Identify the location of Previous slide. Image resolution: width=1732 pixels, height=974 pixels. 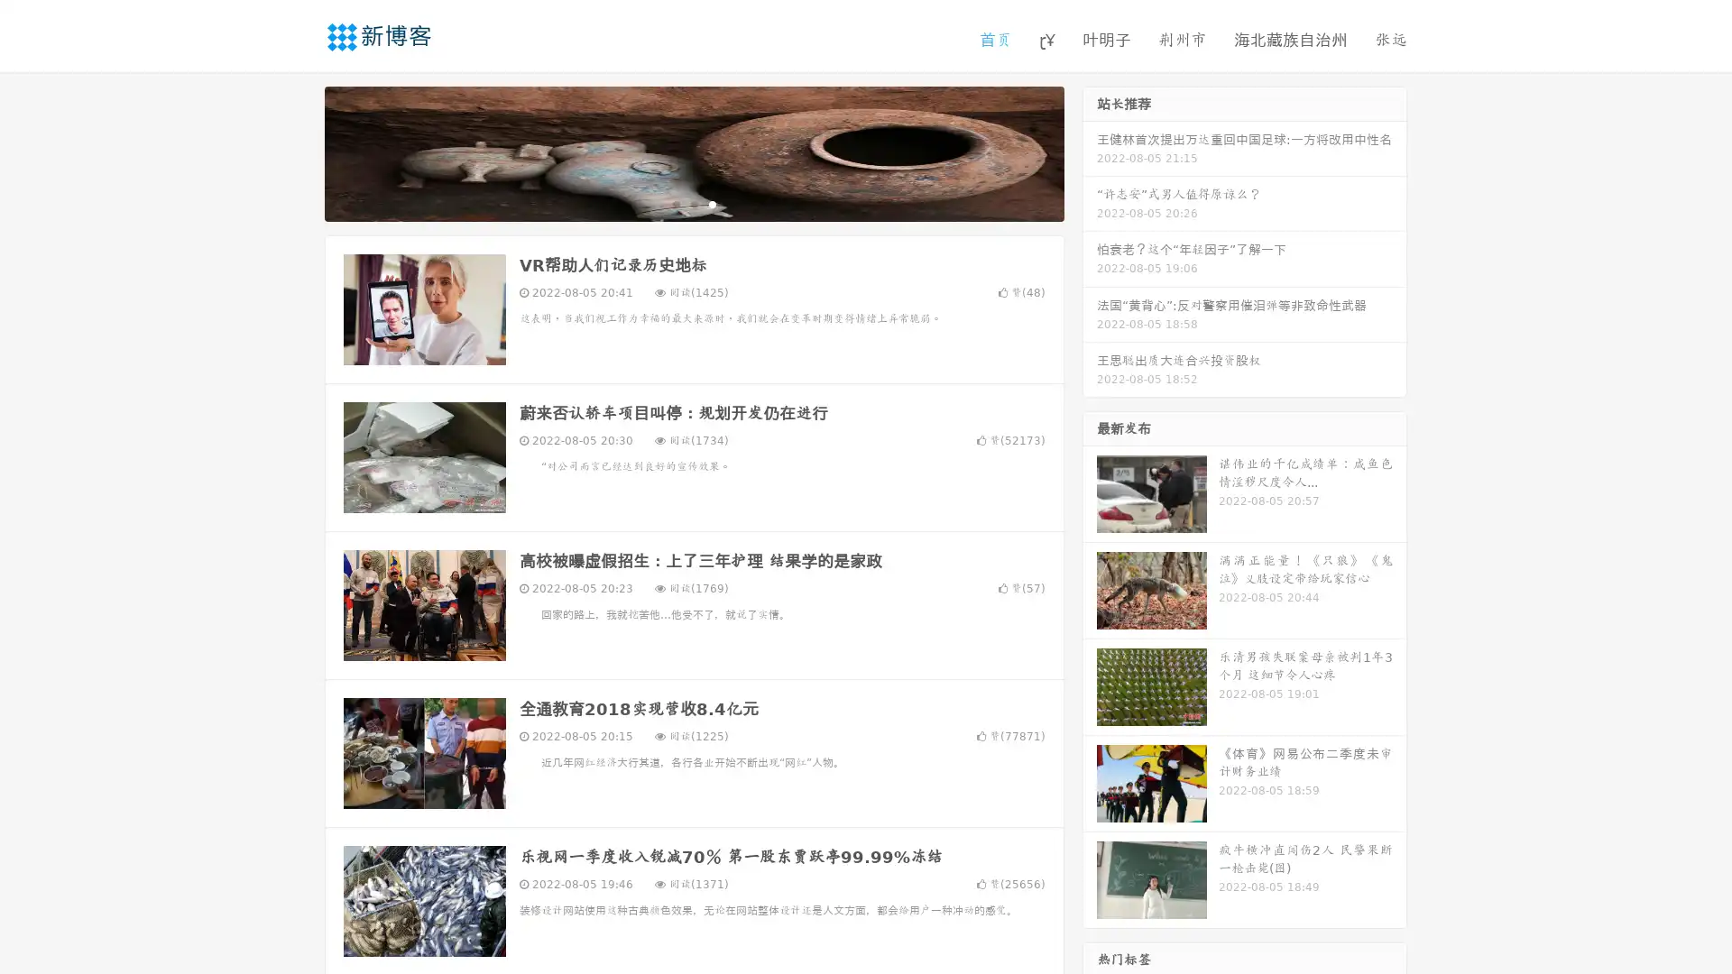
(298, 152).